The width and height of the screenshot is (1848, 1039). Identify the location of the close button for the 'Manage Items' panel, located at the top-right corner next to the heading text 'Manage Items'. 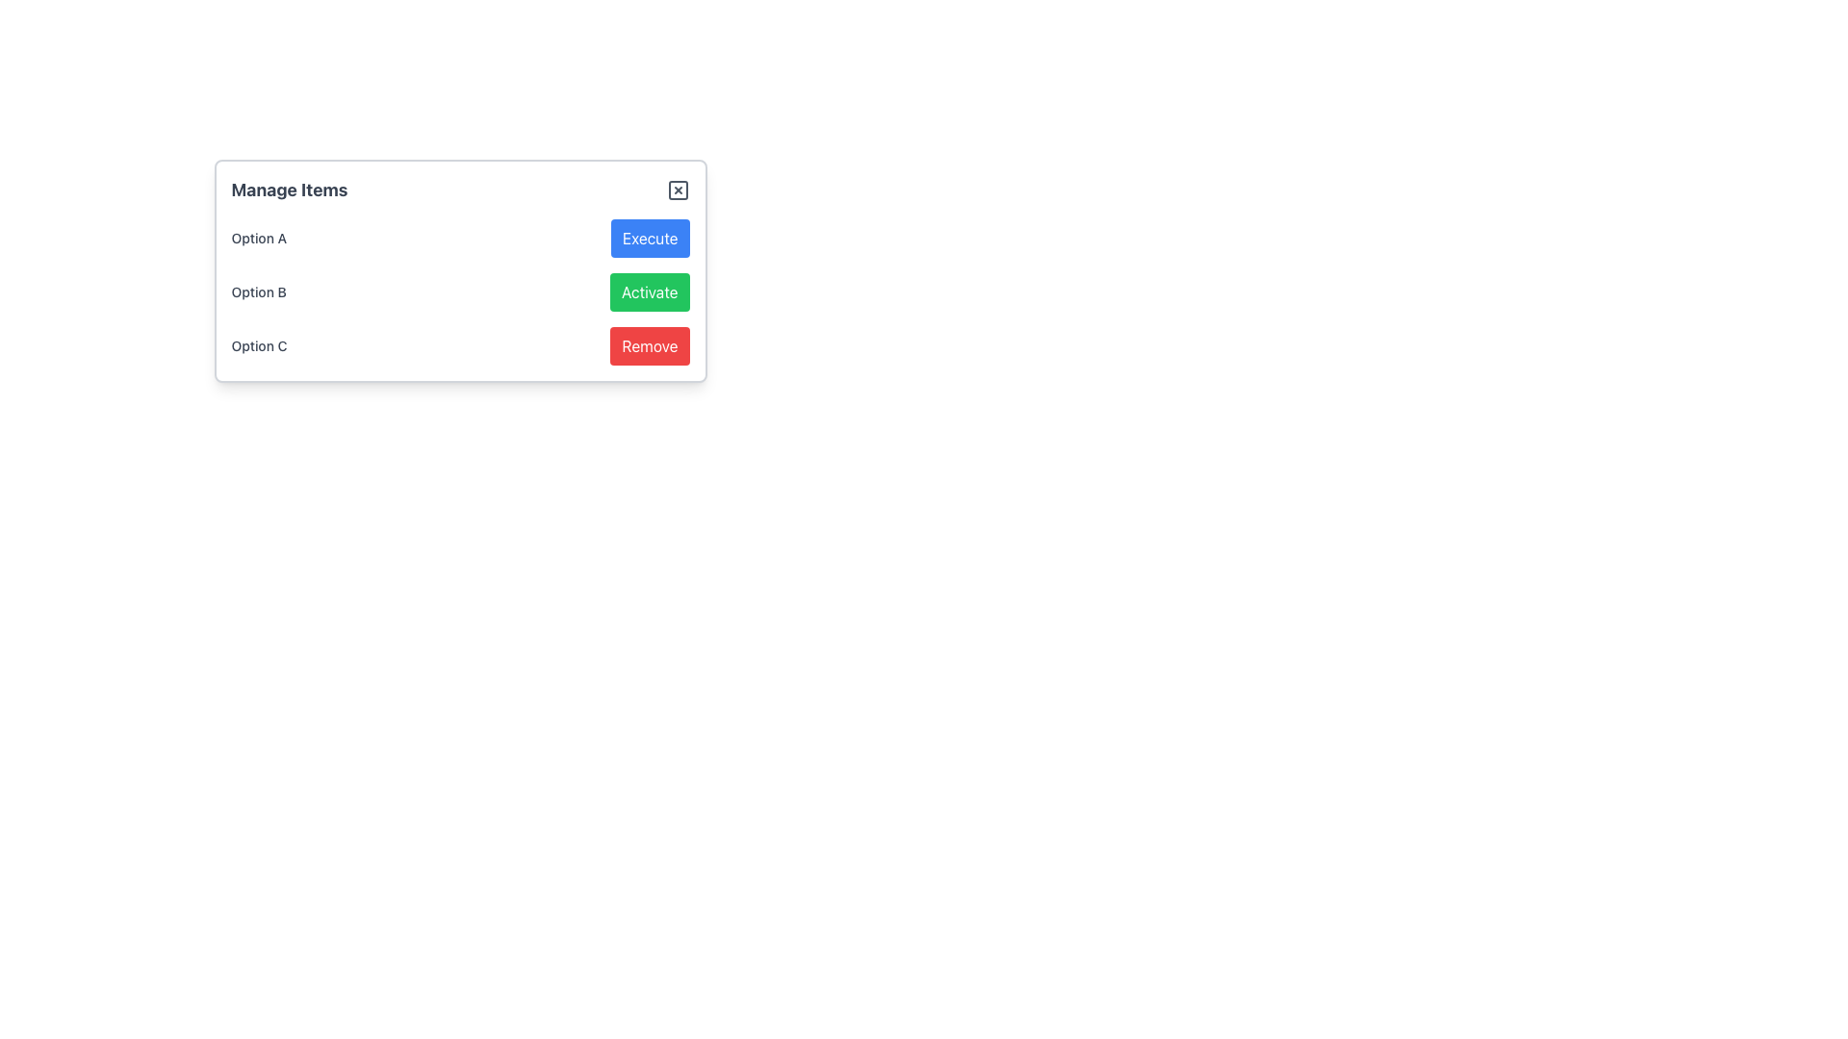
(678, 190).